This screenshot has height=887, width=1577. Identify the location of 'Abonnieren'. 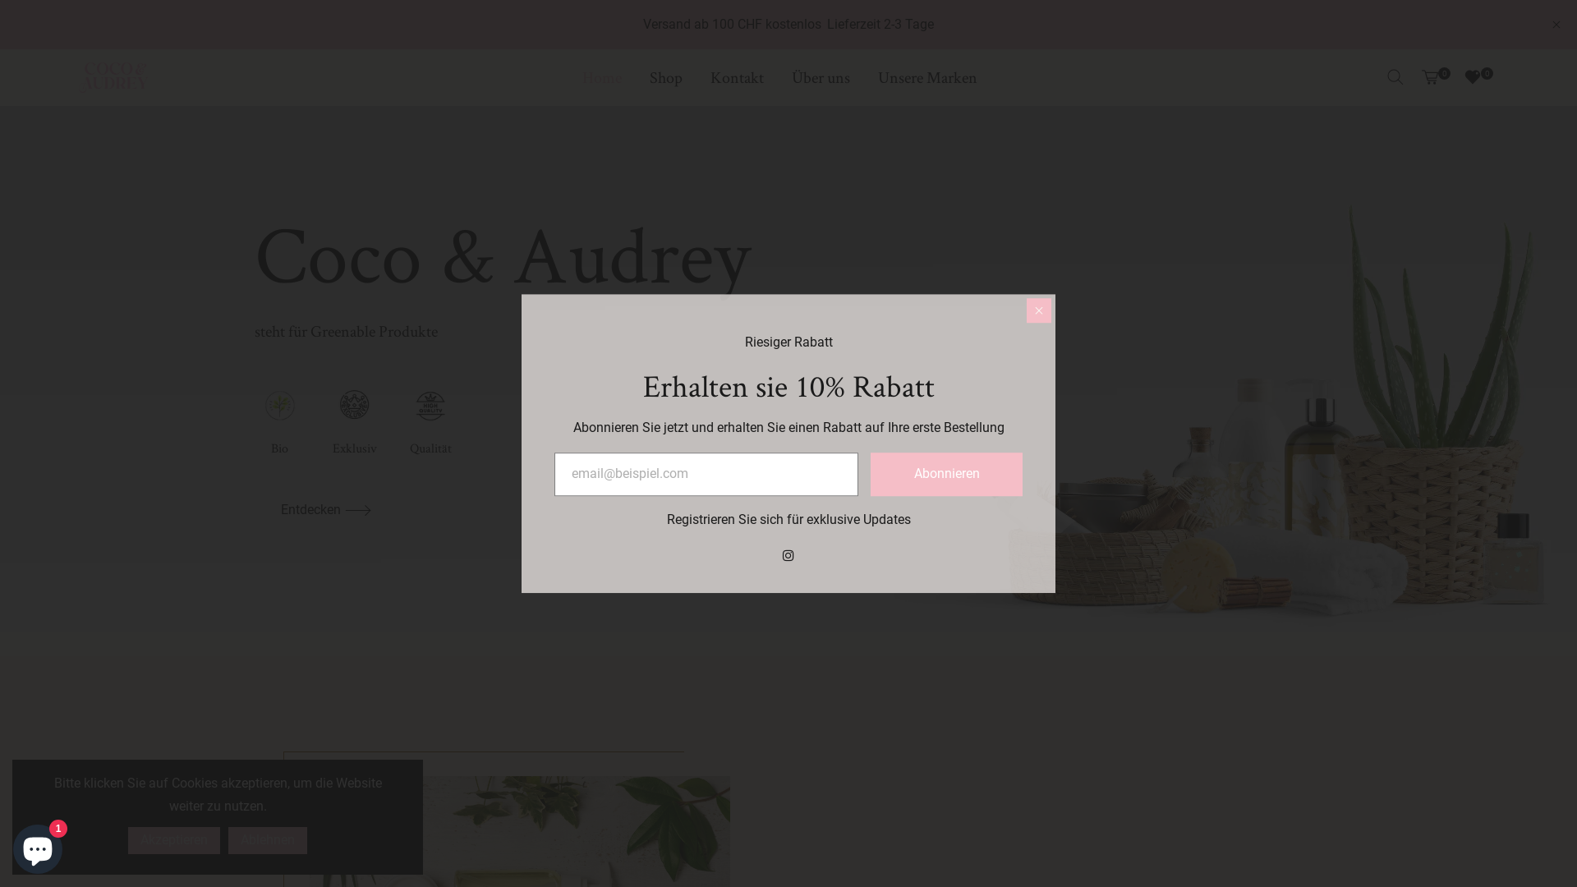
(946, 474).